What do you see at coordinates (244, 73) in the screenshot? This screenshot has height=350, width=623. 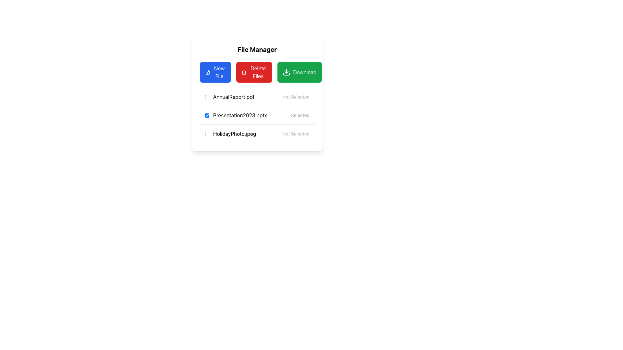 I see `the larger delete button which includes the trash bin icon represented by the rectangular body of the bin` at bounding box center [244, 73].